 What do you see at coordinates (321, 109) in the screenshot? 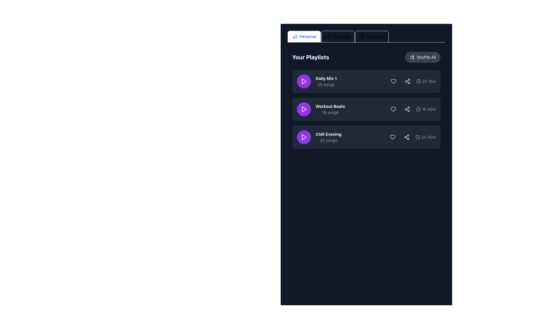
I see `the text display component representing the playlist entry 'Workout Beats'` at bounding box center [321, 109].